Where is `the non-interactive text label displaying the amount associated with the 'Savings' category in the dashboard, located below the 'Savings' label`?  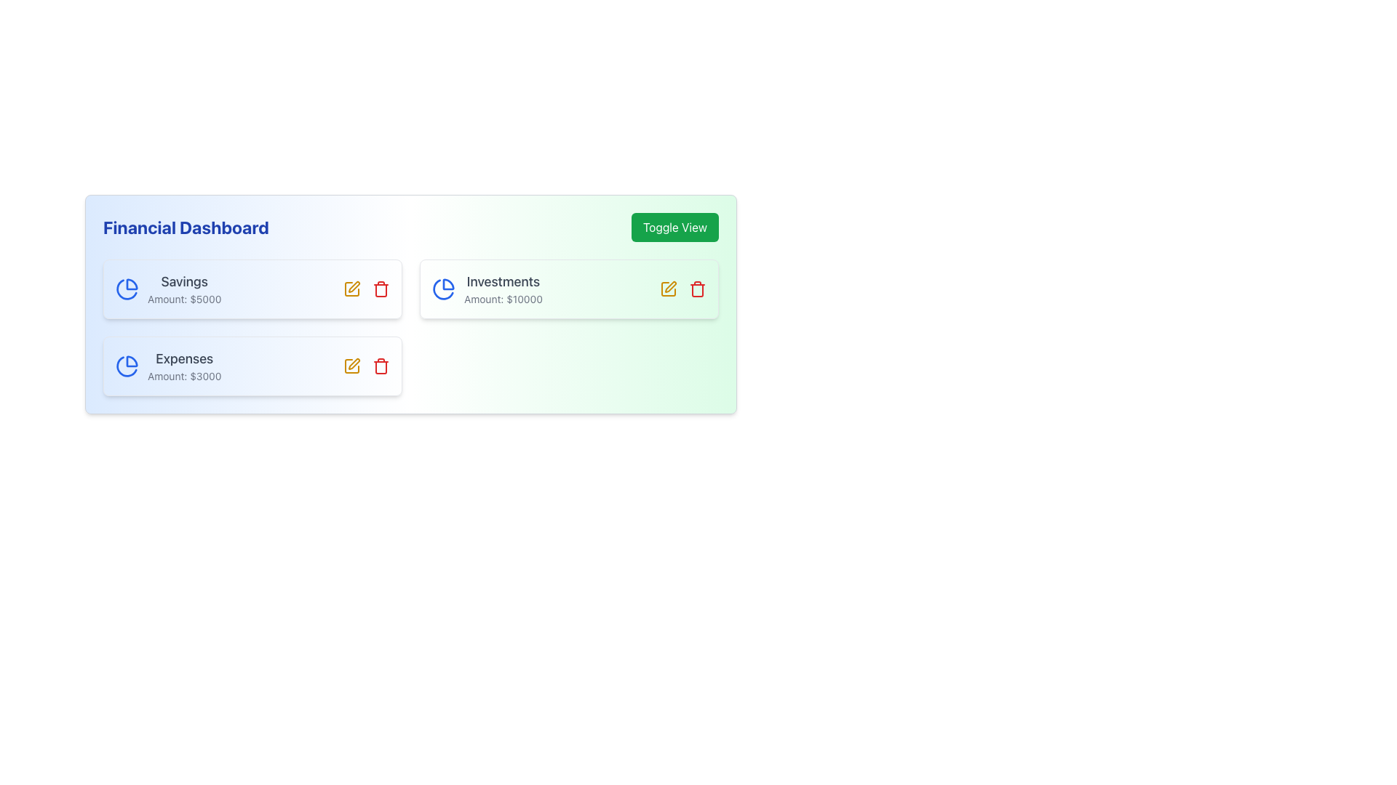
the non-interactive text label displaying the amount associated with the 'Savings' category in the dashboard, located below the 'Savings' label is located at coordinates (183, 299).